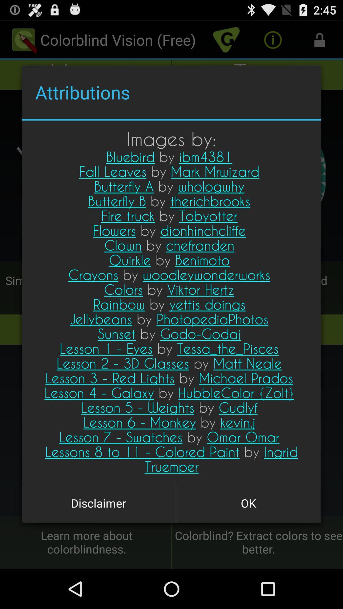 This screenshot has width=343, height=609. I want to click on the icon to the left of ok button, so click(98, 503).